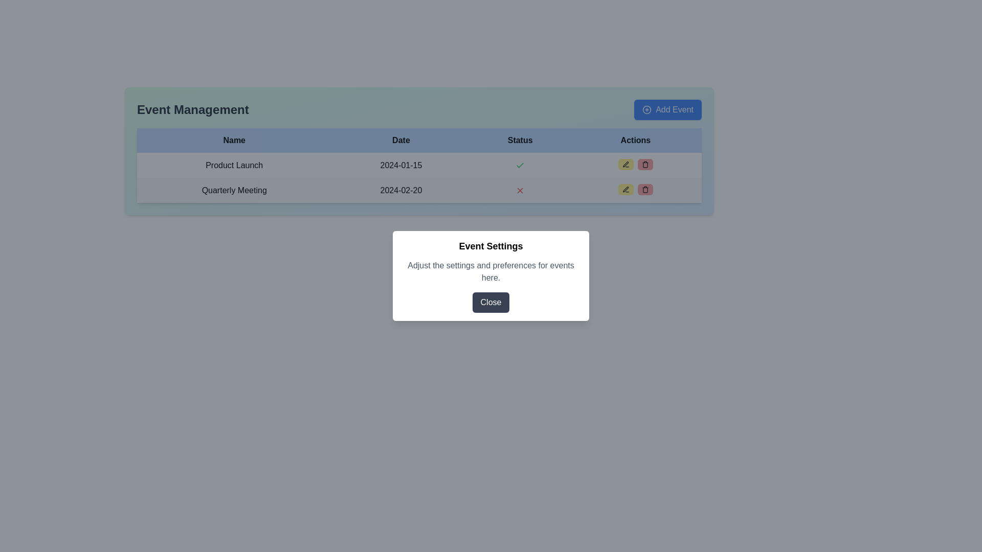  What do you see at coordinates (646, 110) in the screenshot?
I see `the vector graphic icon located to the left of the 'Add Event' button, which is a blue rectangle with rounded edges in the 'Event Management' panel` at bounding box center [646, 110].